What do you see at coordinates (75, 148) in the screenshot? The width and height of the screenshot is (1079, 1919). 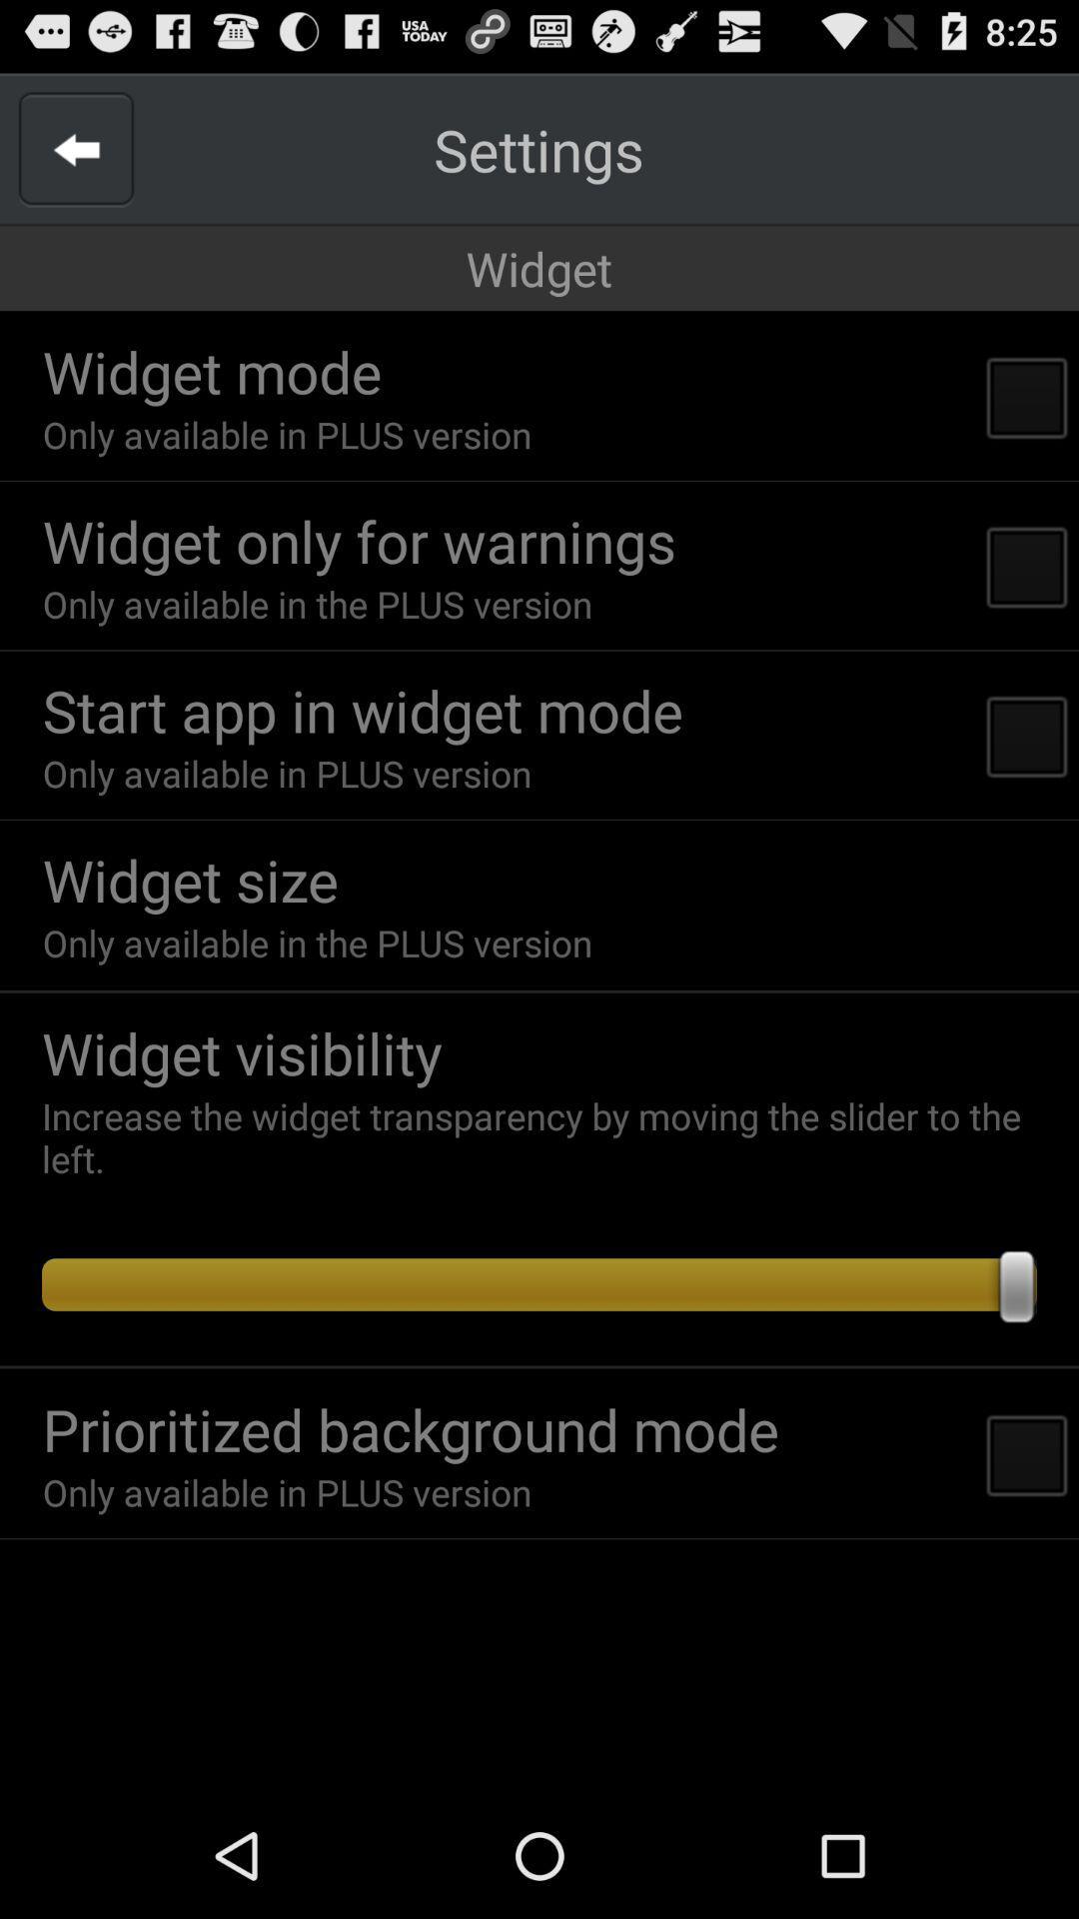 I see `the item next to settings item` at bounding box center [75, 148].